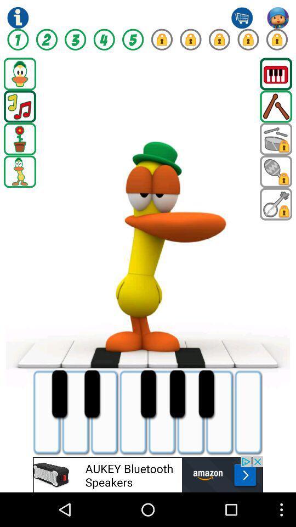  What do you see at coordinates (275, 183) in the screenshot?
I see `the search icon` at bounding box center [275, 183].